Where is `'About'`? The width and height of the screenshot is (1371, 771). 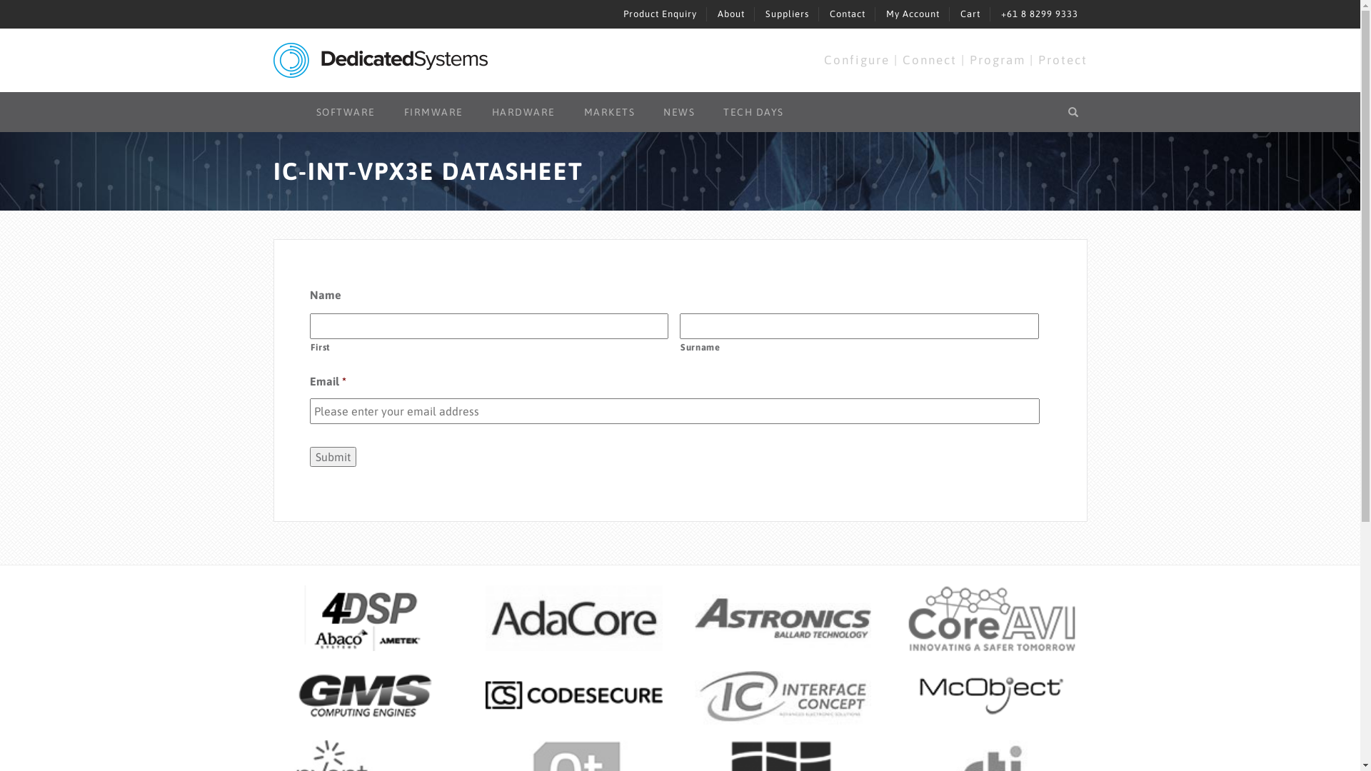 'About' is located at coordinates (730, 14).